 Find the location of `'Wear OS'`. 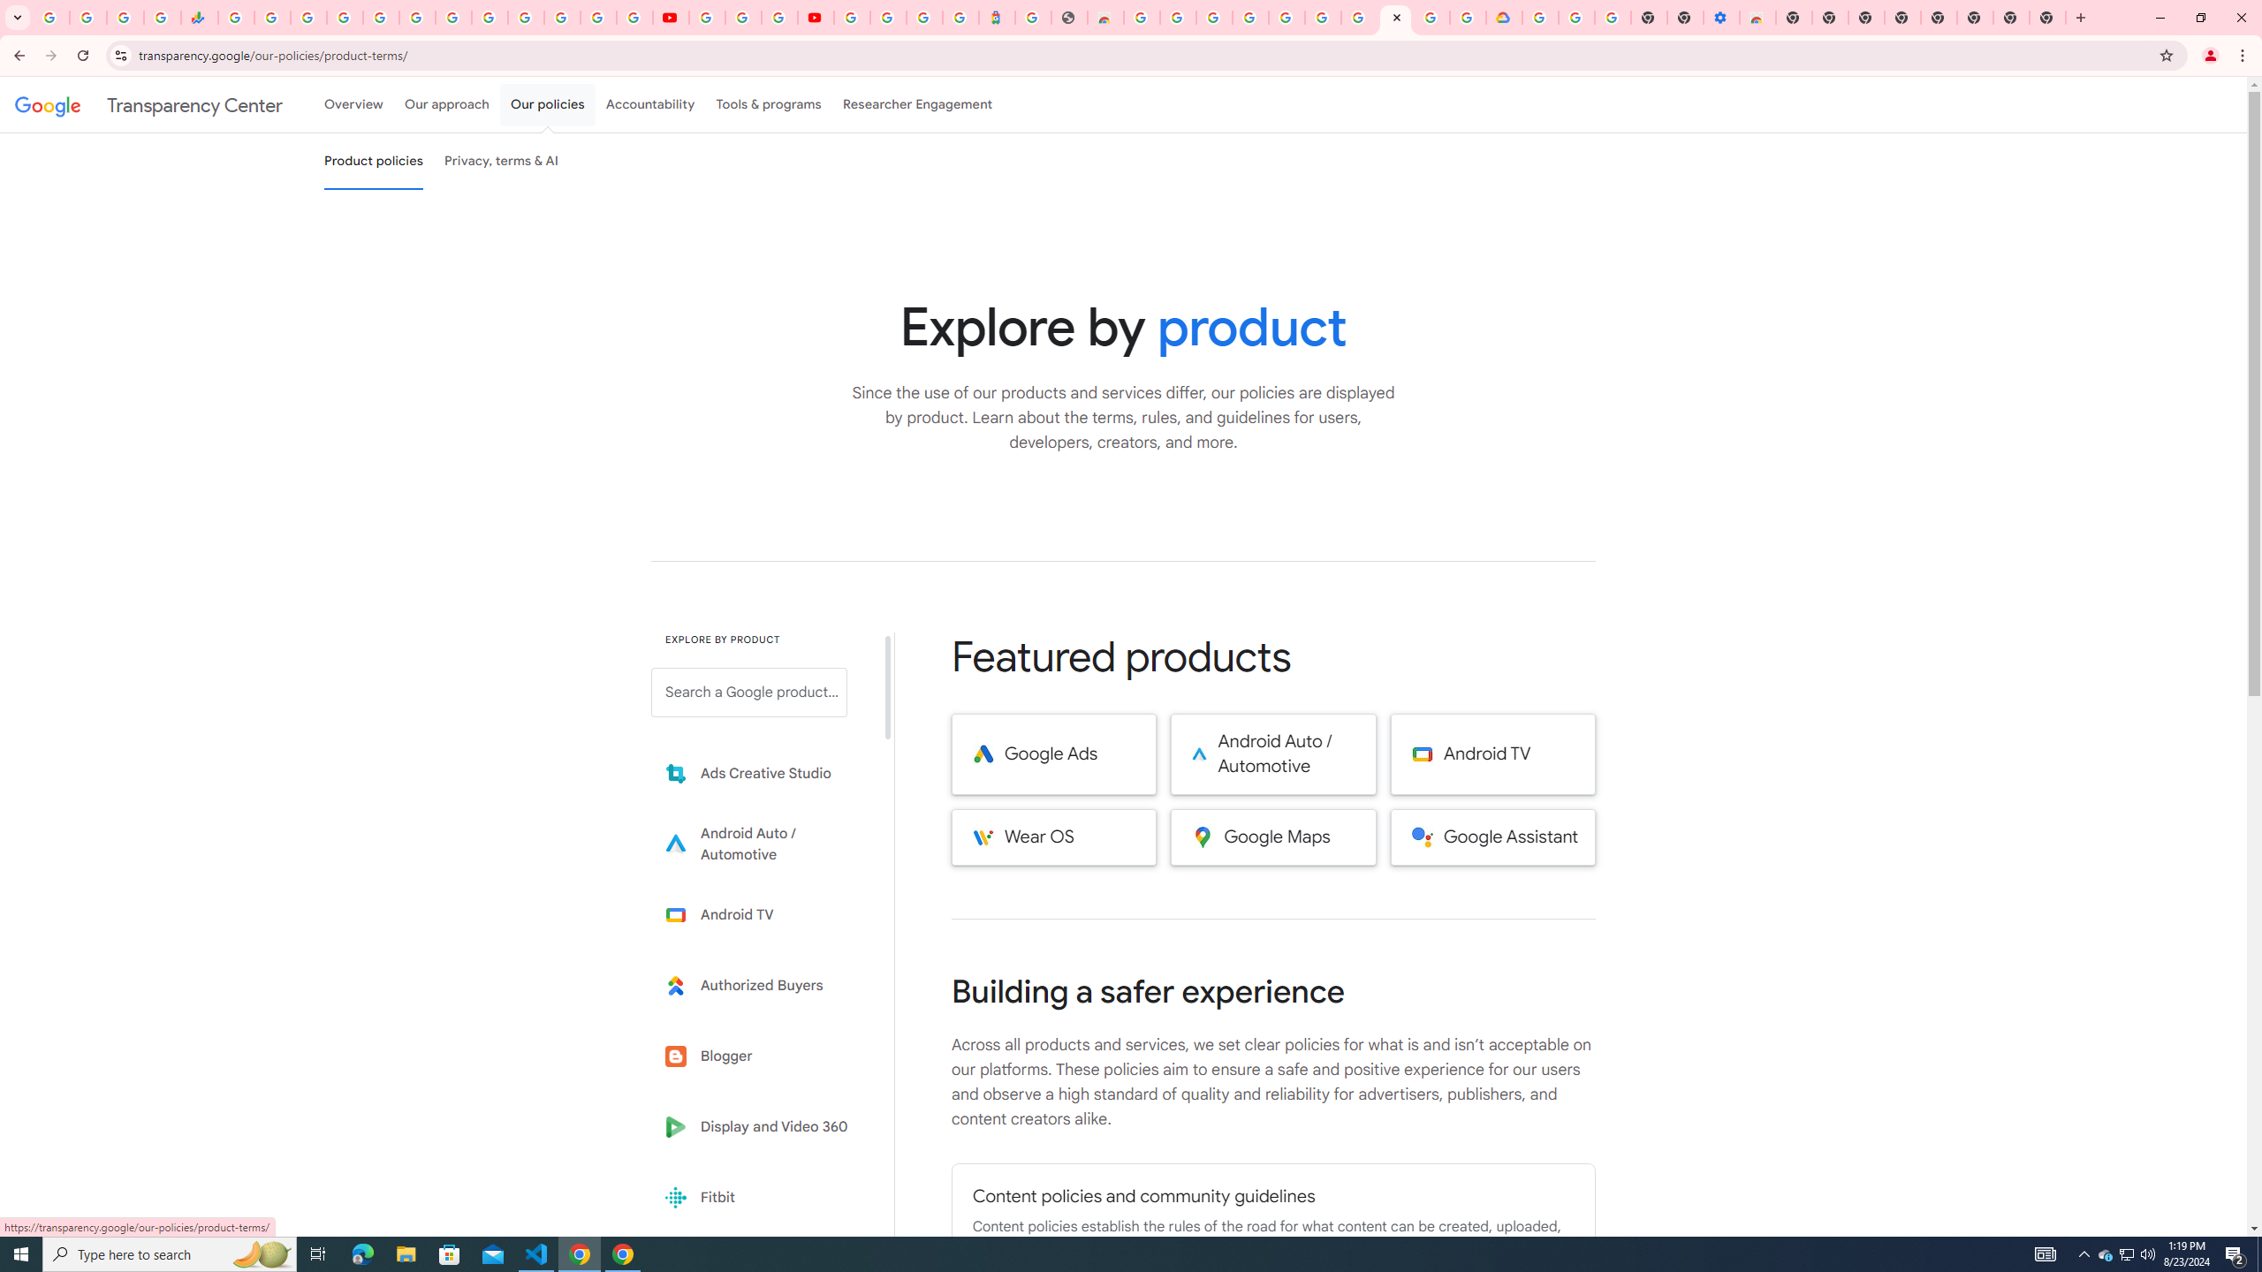

'Wear OS' is located at coordinates (1052, 837).